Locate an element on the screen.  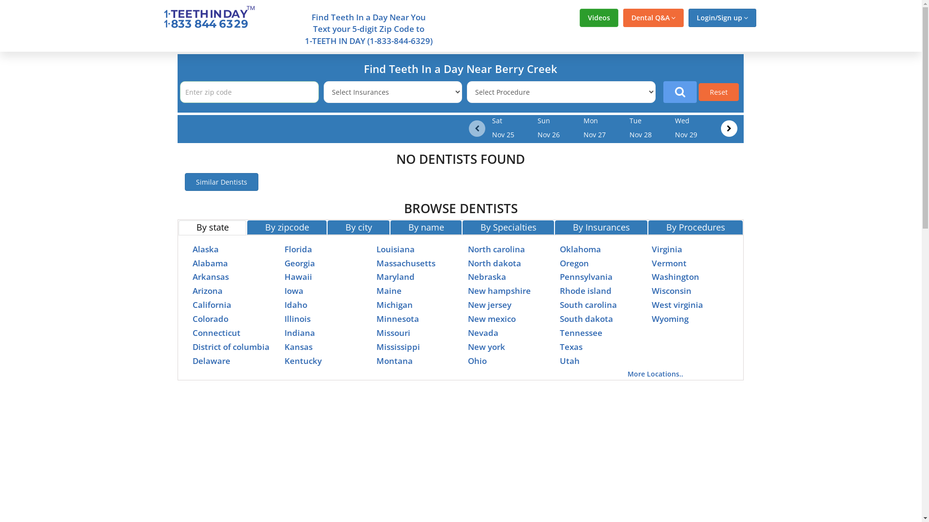
'Georgia' is located at coordinates (299, 263).